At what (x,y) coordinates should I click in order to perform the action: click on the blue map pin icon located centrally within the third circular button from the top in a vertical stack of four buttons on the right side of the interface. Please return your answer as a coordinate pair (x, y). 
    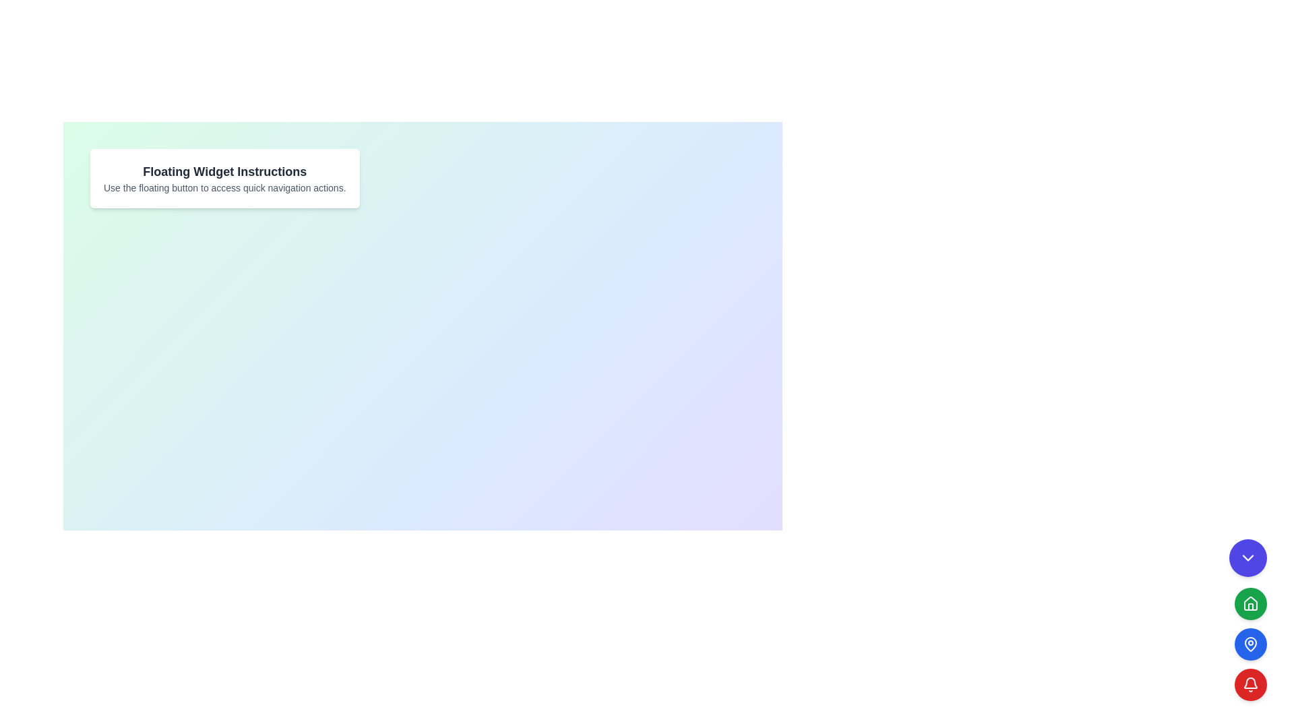
    Looking at the image, I should click on (1250, 643).